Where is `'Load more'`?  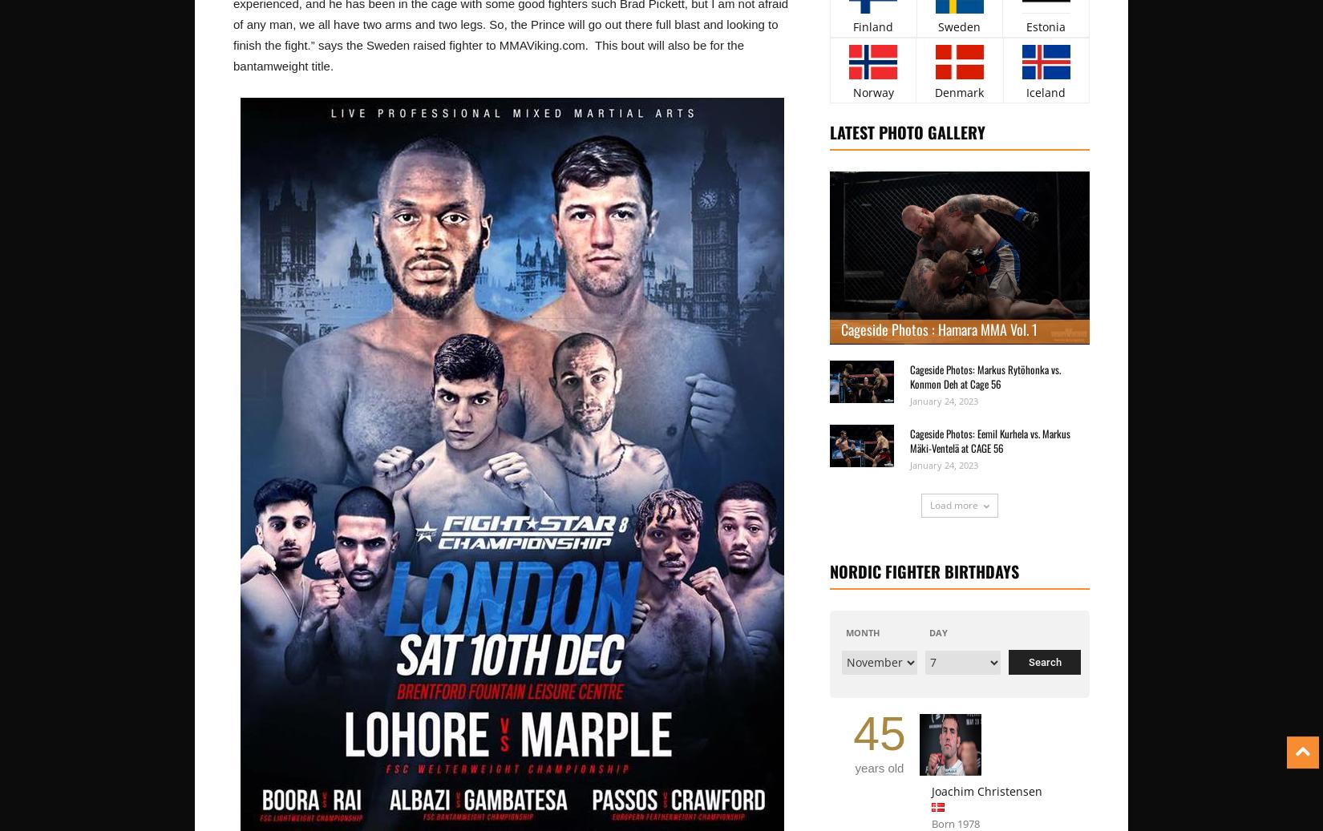
'Load more' is located at coordinates (953, 504).